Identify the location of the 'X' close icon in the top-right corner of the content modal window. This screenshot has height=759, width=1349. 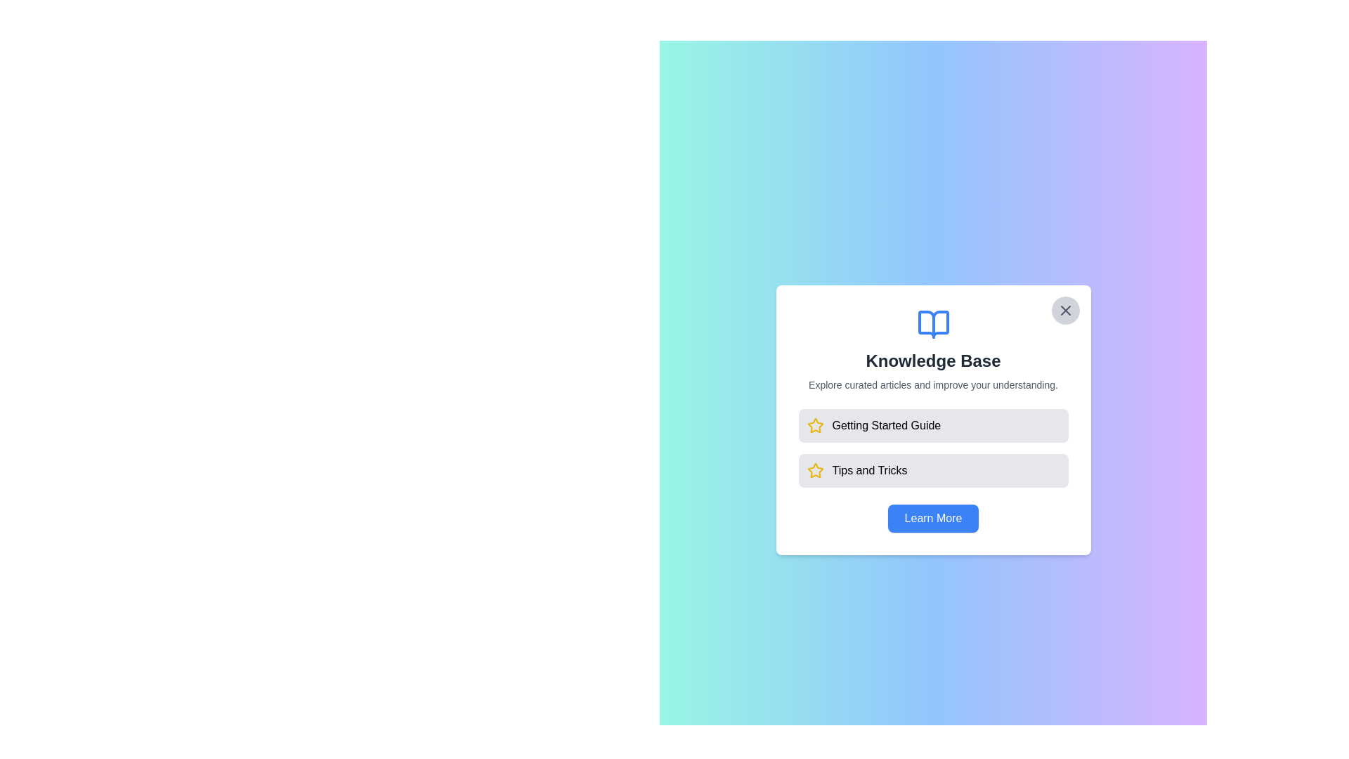
(1065, 310).